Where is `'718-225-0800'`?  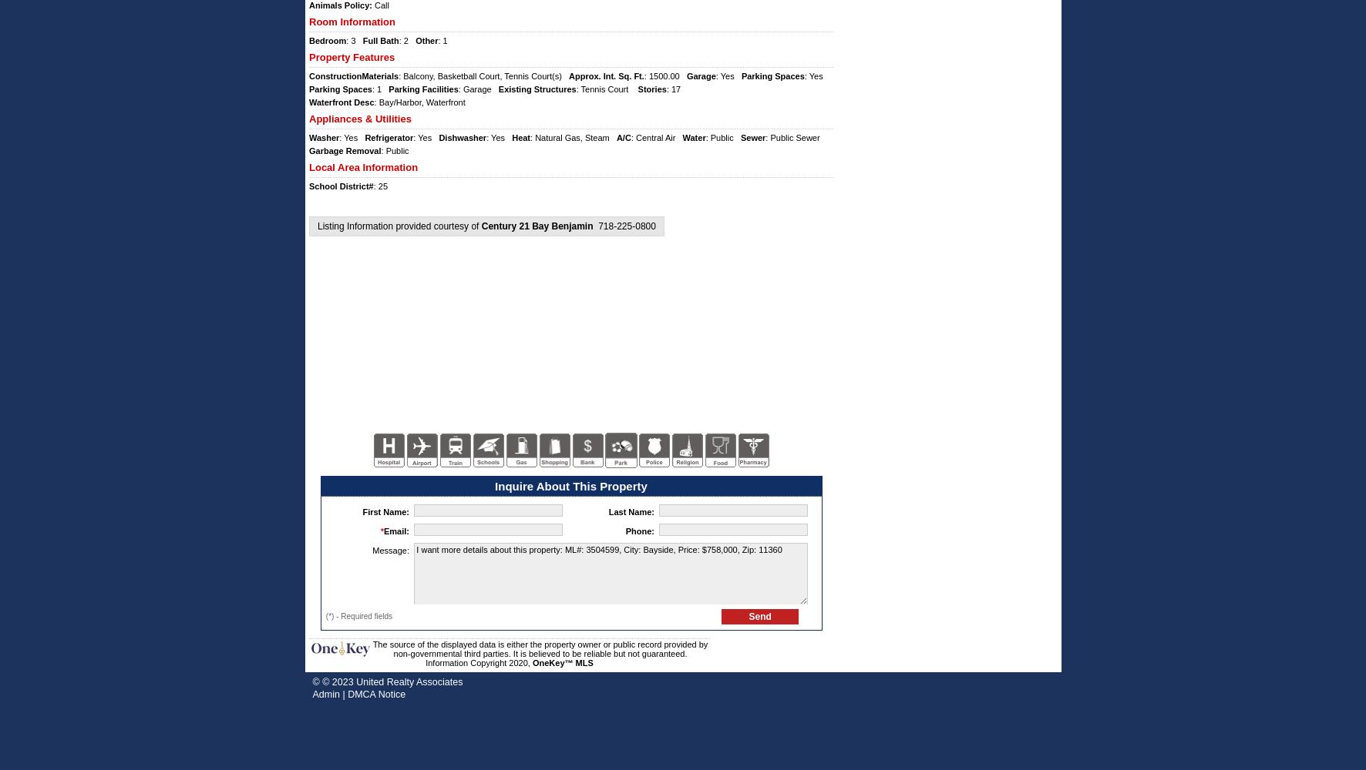
'718-225-0800' is located at coordinates (624, 226).